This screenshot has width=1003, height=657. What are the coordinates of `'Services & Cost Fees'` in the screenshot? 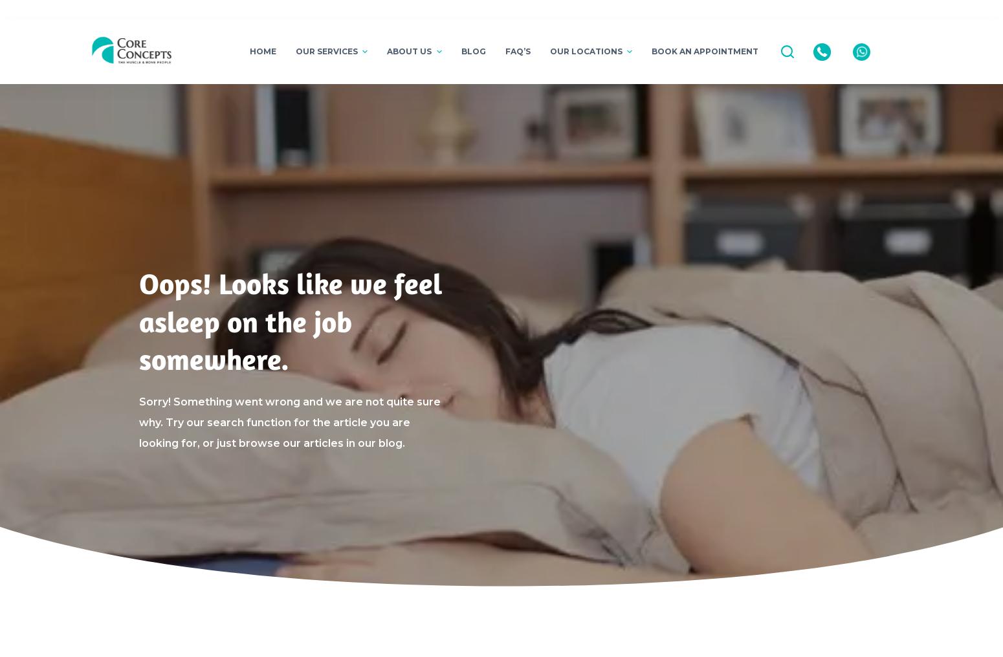 It's located at (335, 289).